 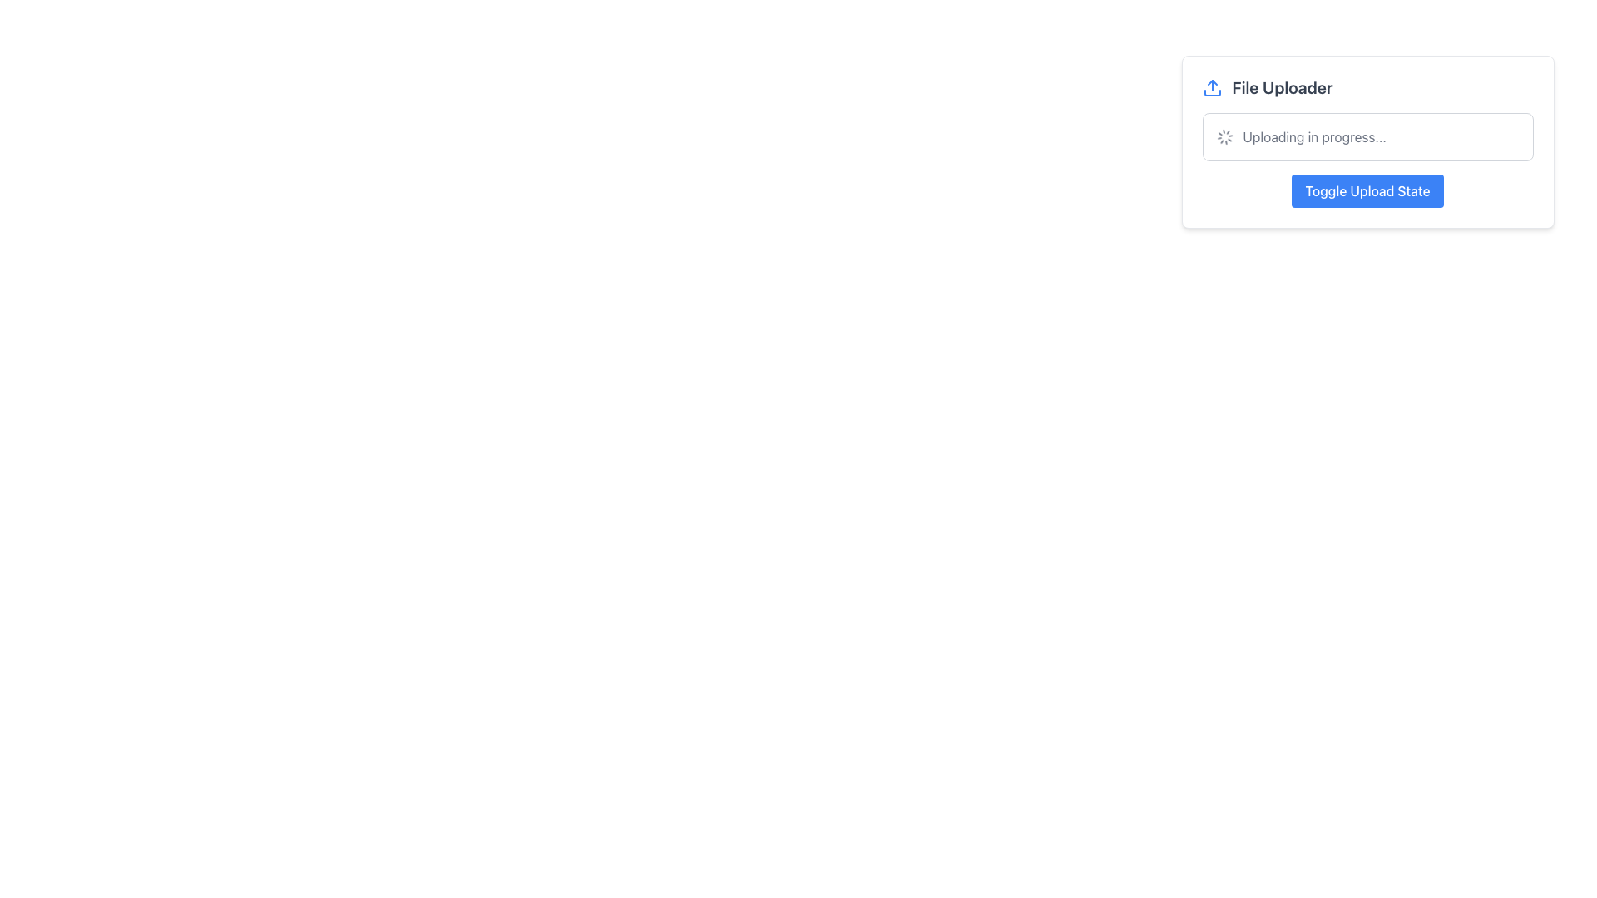 I want to click on the informational text element with an icon located below the 'File Uploader' title and above the 'Toggle Upload State' button, so click(x=1367, y=136).